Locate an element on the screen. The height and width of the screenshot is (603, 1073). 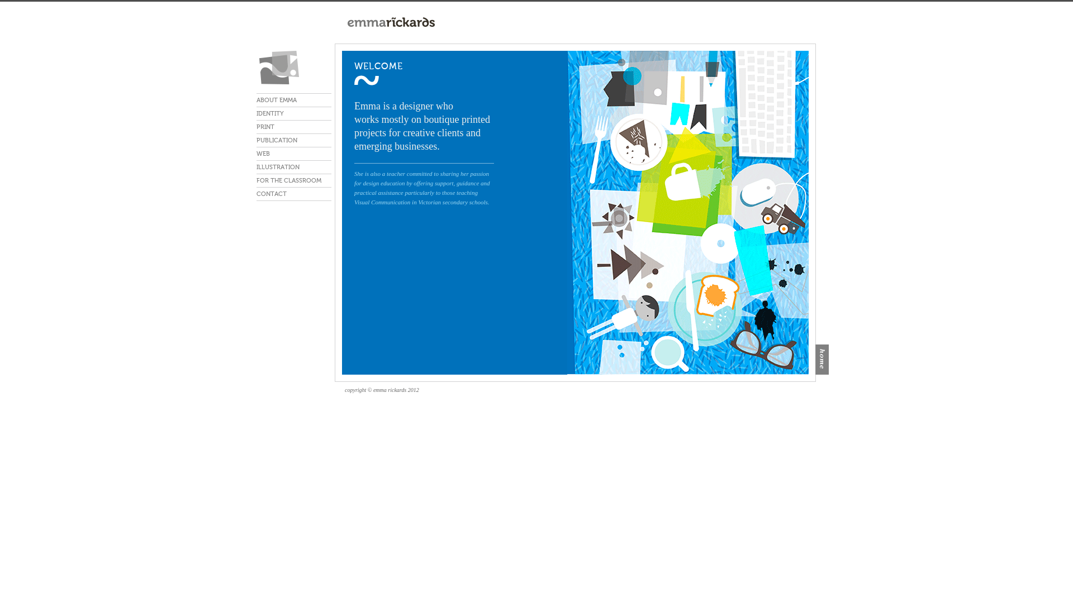
'PRINT' is located at coordinates (294, 126).